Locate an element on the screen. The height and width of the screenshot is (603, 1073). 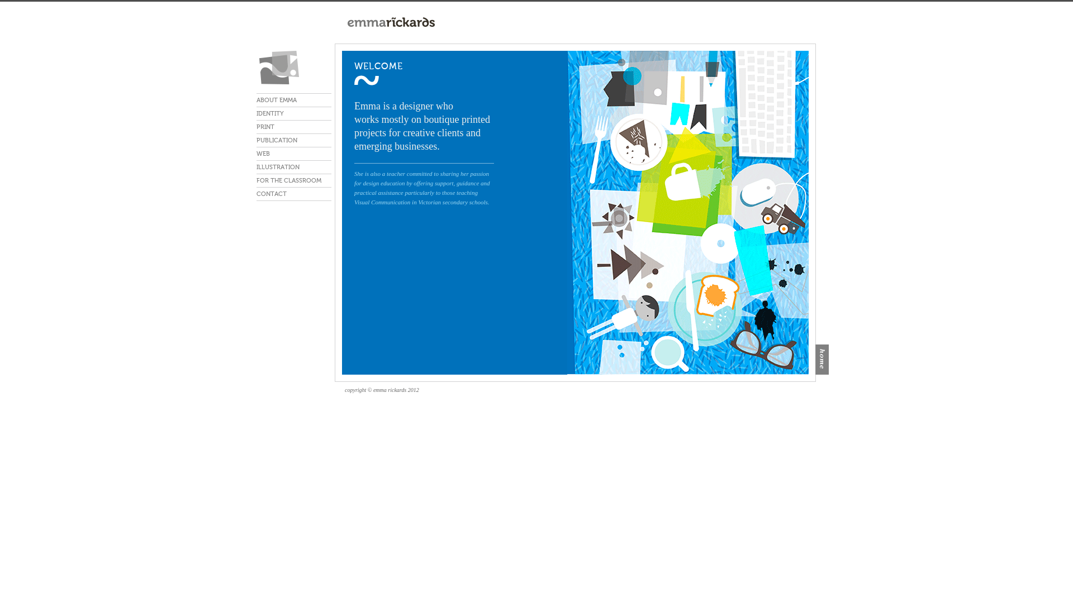
'PRINT' is located at coordinates (294, 126).